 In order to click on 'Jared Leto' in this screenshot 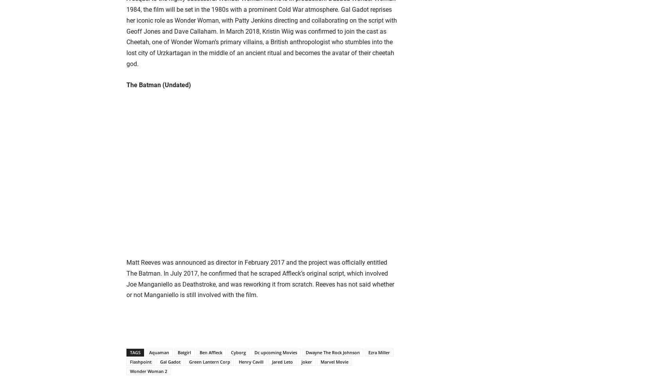, I will do `click(272, 361)`.